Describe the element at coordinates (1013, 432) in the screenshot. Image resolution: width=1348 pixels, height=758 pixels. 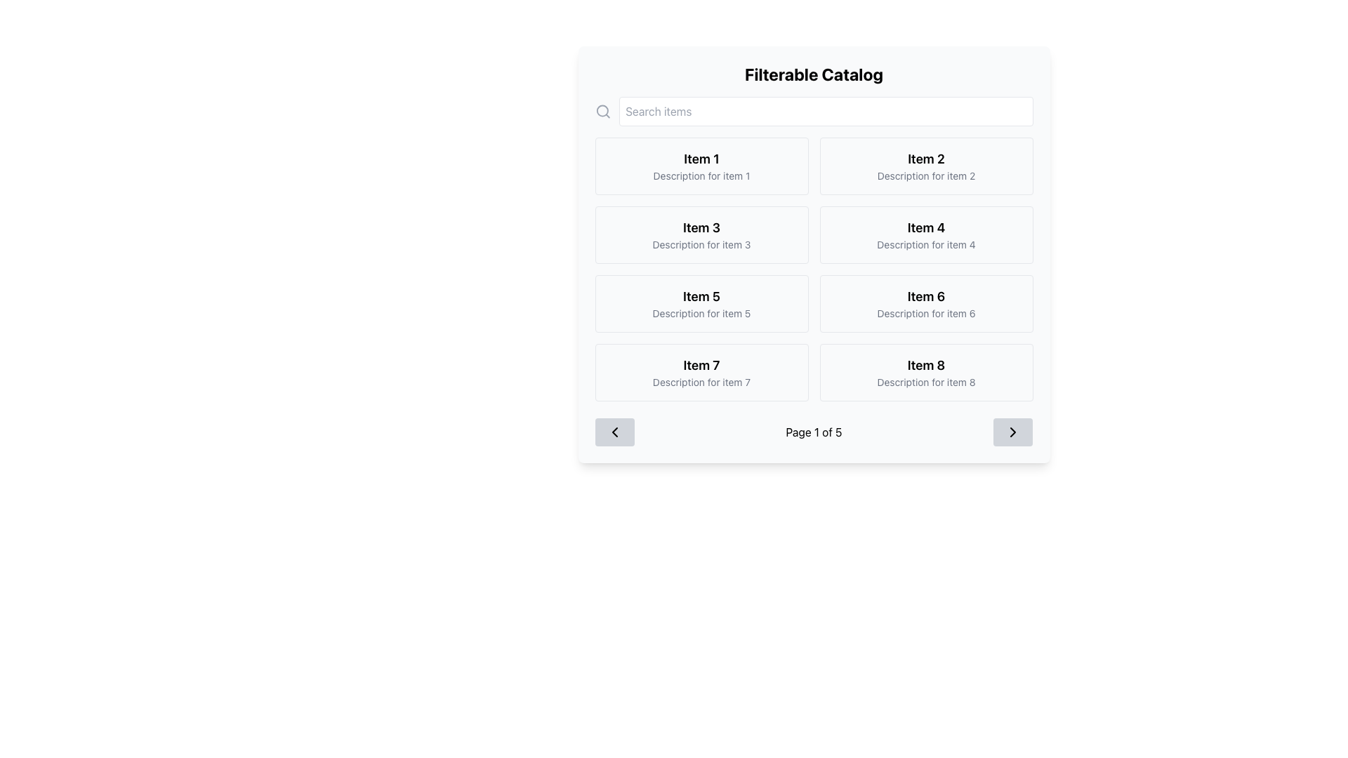
I see `the navigation button at the far-right of the pagination controls to advance to the next page of content` at that location.